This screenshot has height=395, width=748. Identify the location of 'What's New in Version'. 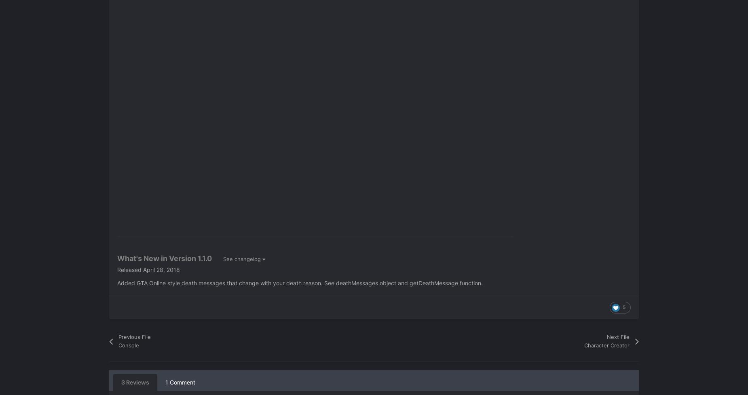
(157, 257).